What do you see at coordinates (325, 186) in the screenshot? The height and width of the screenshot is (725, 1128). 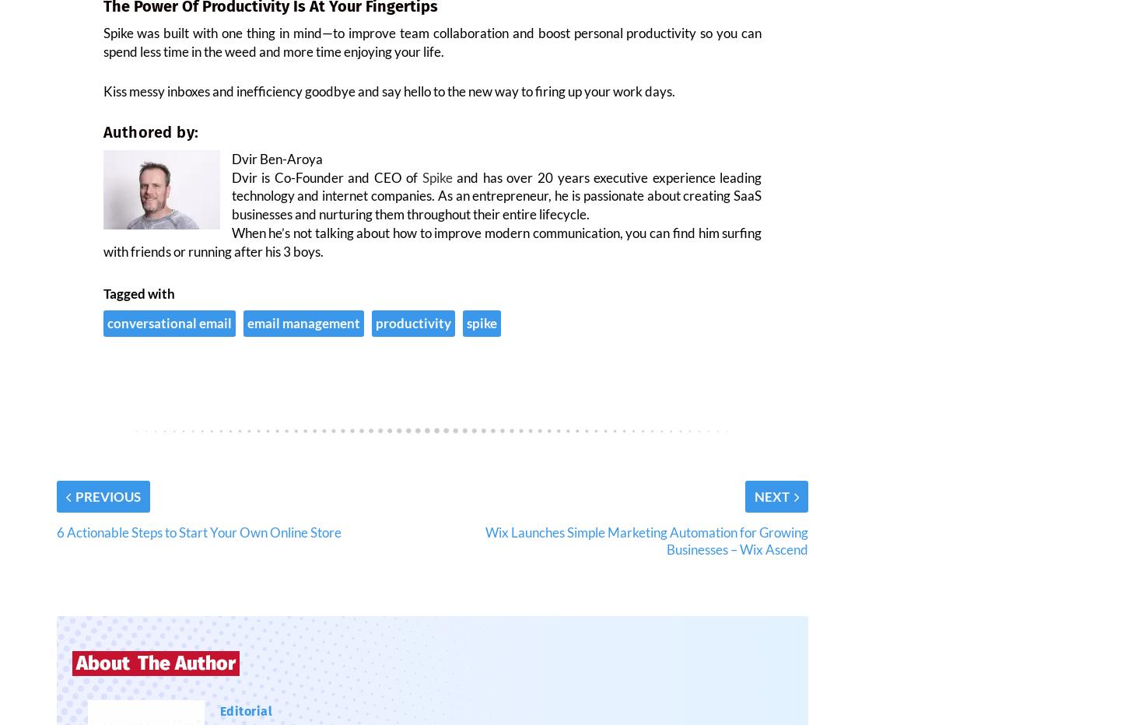 I see `'Dvir is Co-Founder and CEO of'` at bounding box center [325, 186].